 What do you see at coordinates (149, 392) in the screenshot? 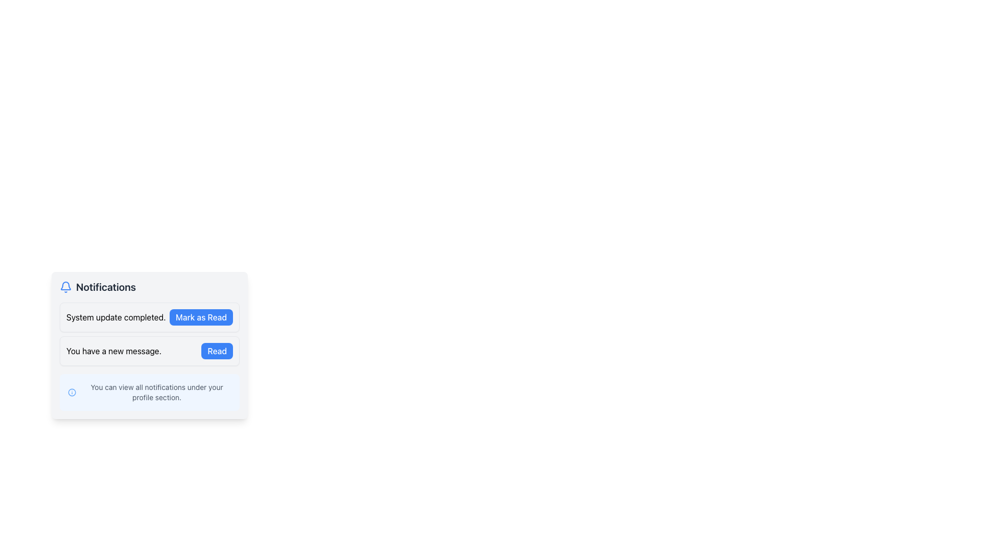
I see `the Informational Message Box located at the bottom of the notifications card, which provides guidance about viewing notifications under the profile section` at bounding box center [149, 392].